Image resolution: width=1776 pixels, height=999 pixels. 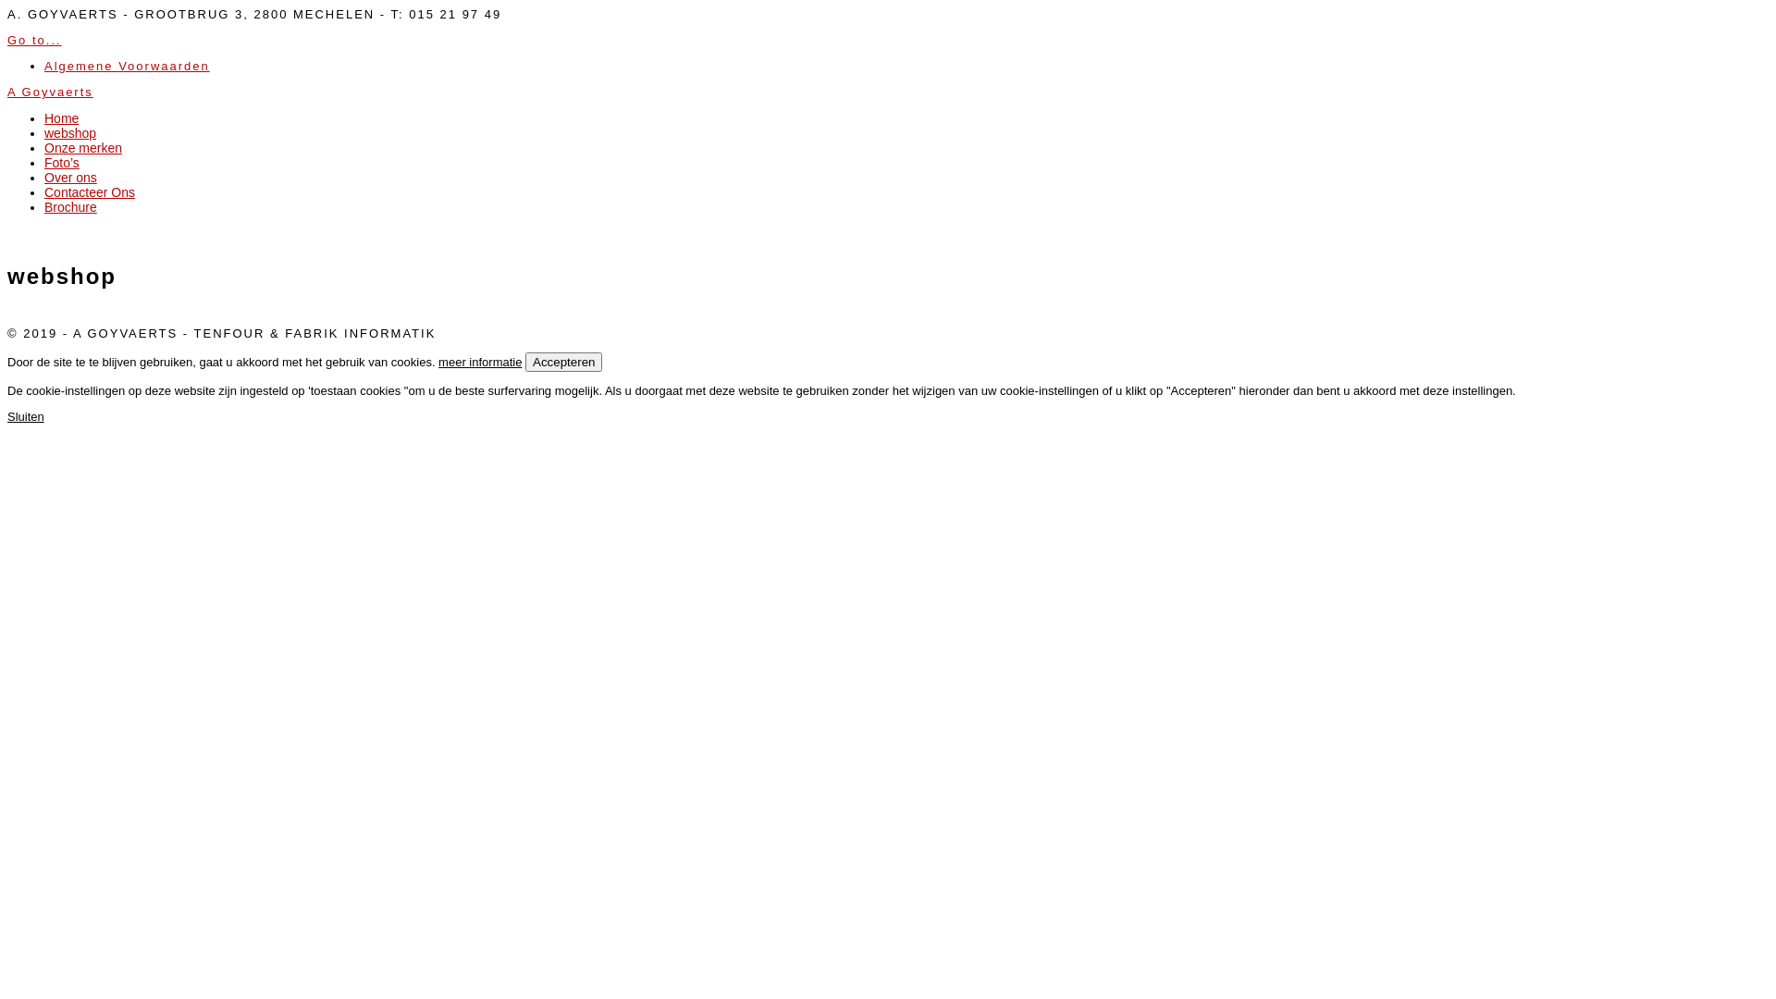 I want to click on 'Algemene Voorwaarden', so click(x=126, y=65).